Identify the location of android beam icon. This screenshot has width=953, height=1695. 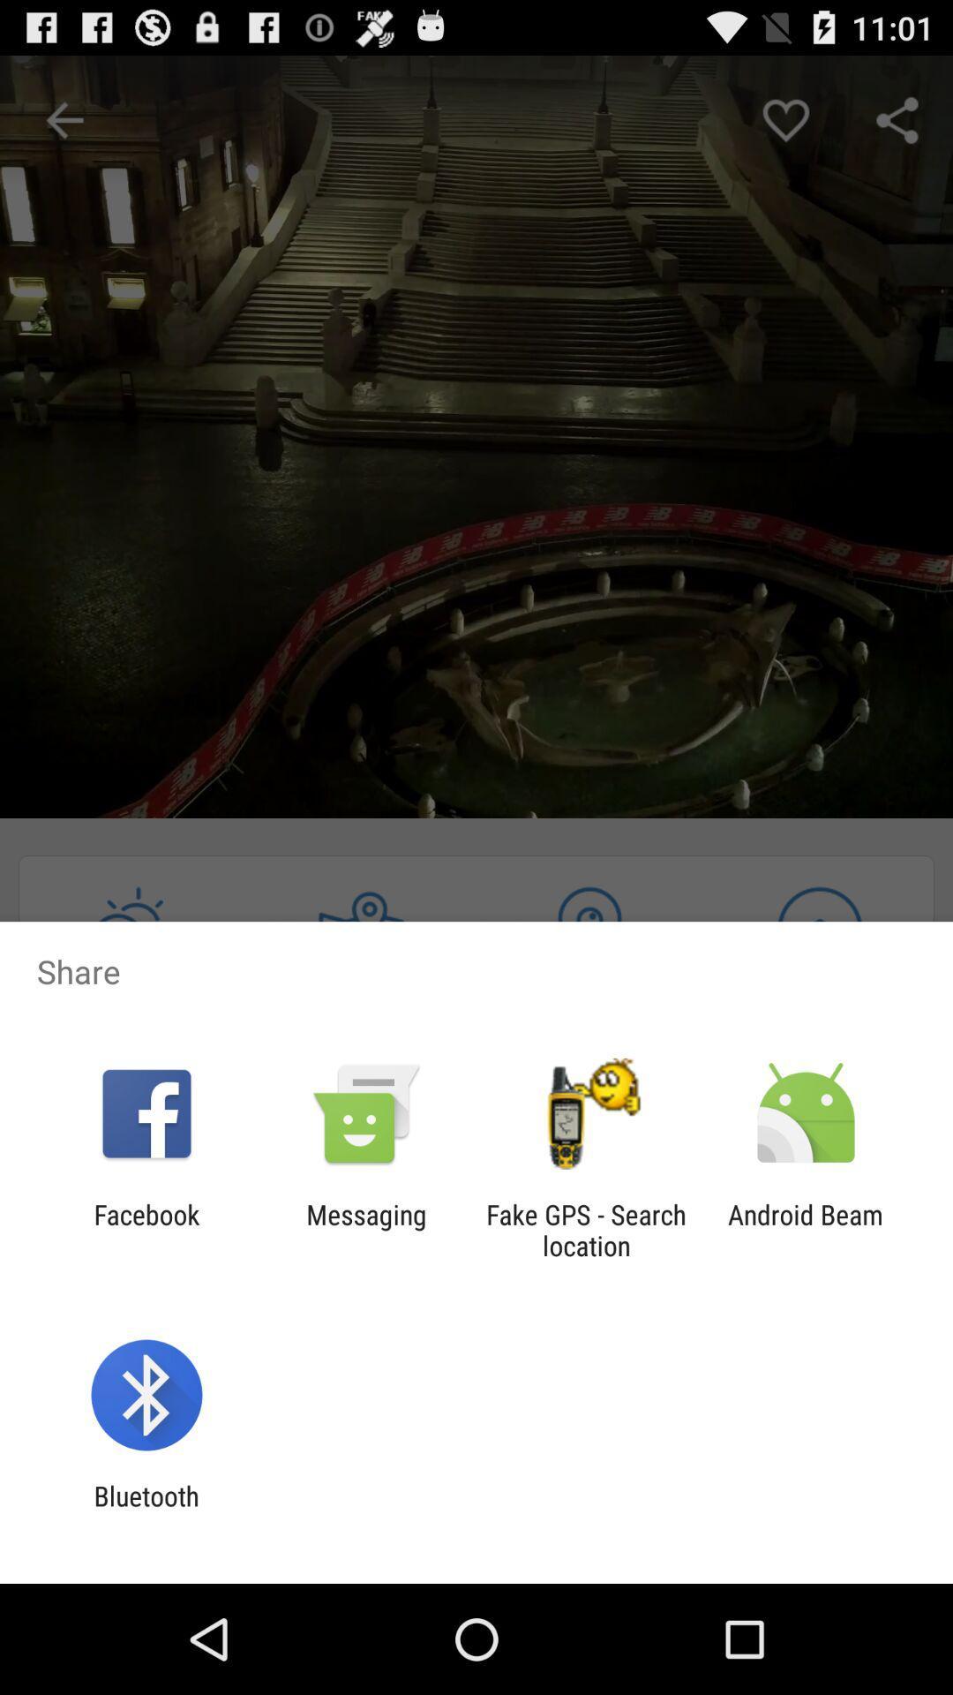
(806, 1229).